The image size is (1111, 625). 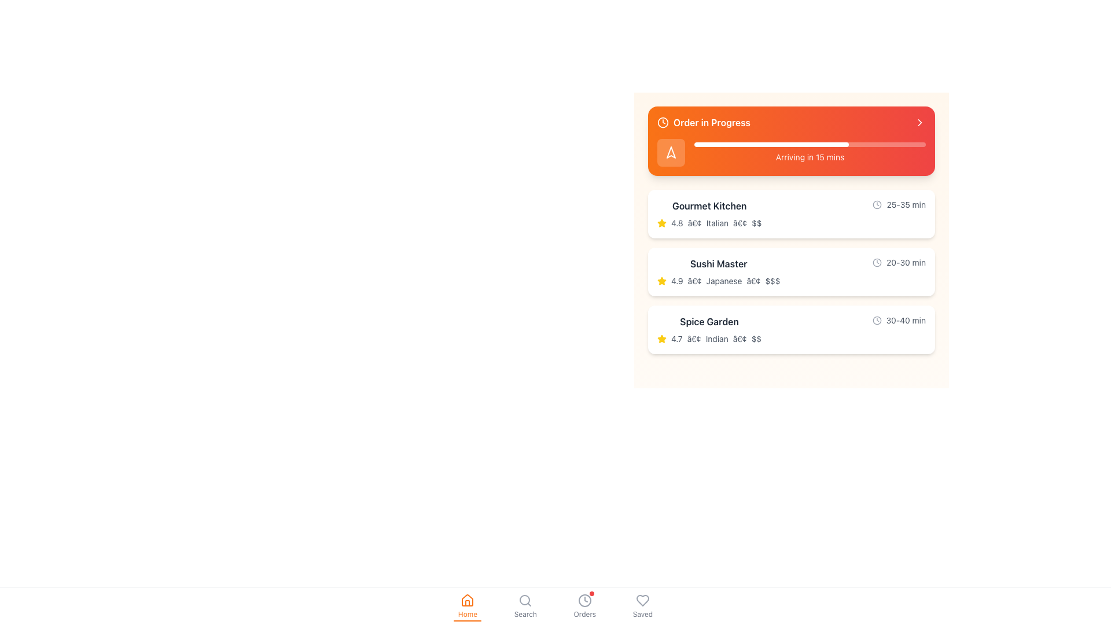 What do you see at coordinates (694, 339) in the screenshot?
I see `the second separator dot in the 'Spice Garden' row, which separates 'Indian' and '$$'` at bounding box center [694, 339].